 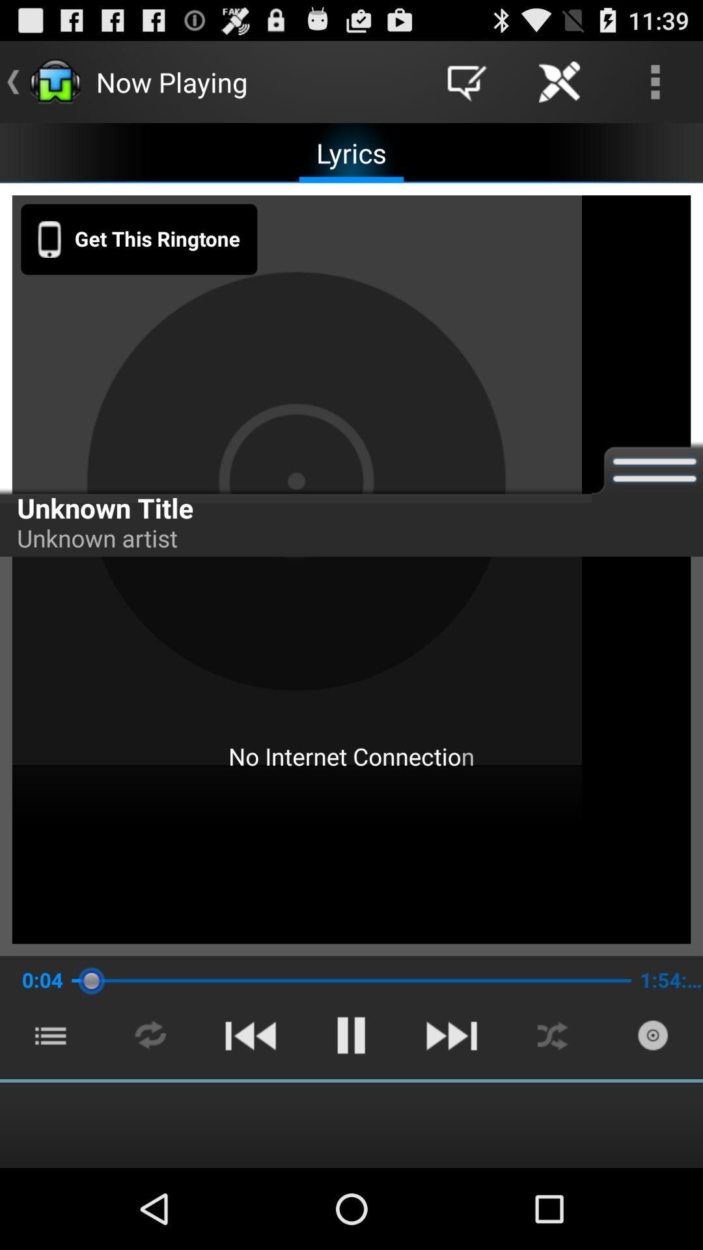 What do you see at coordinates (250, 1107) in the screenshot?
I see `the av_rewind icon` at bounding box center [250, 1107].